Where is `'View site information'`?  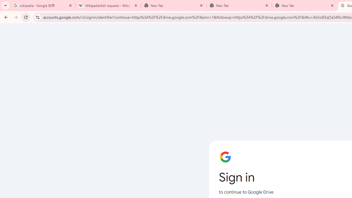 'View site information' is located at coordinates (37, 17).